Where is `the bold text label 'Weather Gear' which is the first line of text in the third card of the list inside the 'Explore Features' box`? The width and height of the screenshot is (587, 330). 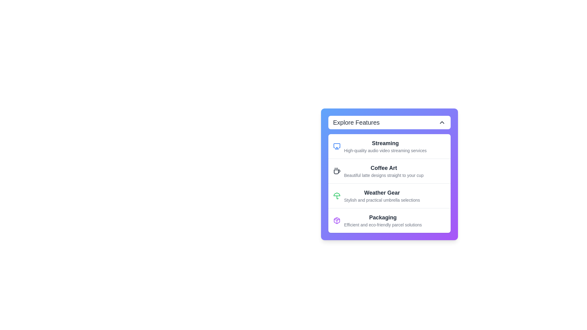 the bold text label 'Weather Gear' which is the first line of text in the third card of the list inside the 'Explore Features' box is located at coordinates (382, 193).